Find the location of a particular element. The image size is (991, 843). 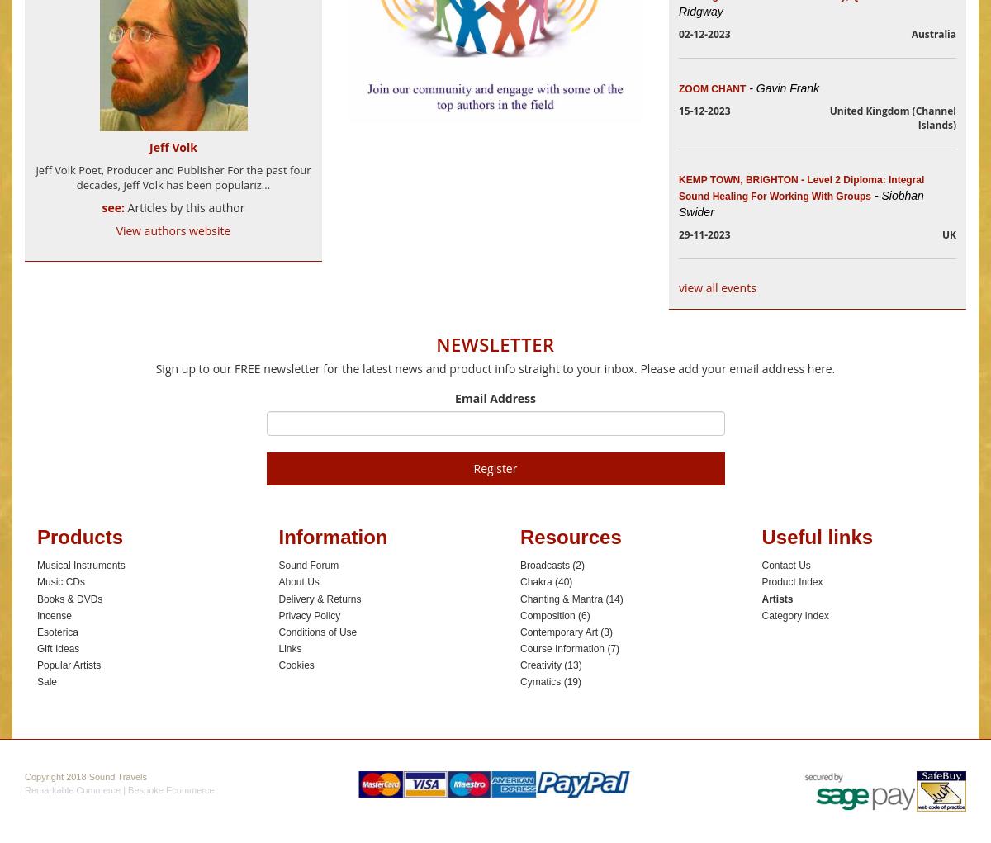

'Gift Ideas' is located at coordinates (58, 648).